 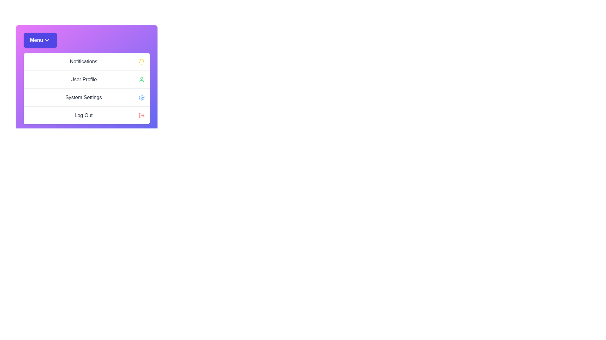 I want to click on the icon corresponding to Notifications in the menu, so click(x=141, y=62).